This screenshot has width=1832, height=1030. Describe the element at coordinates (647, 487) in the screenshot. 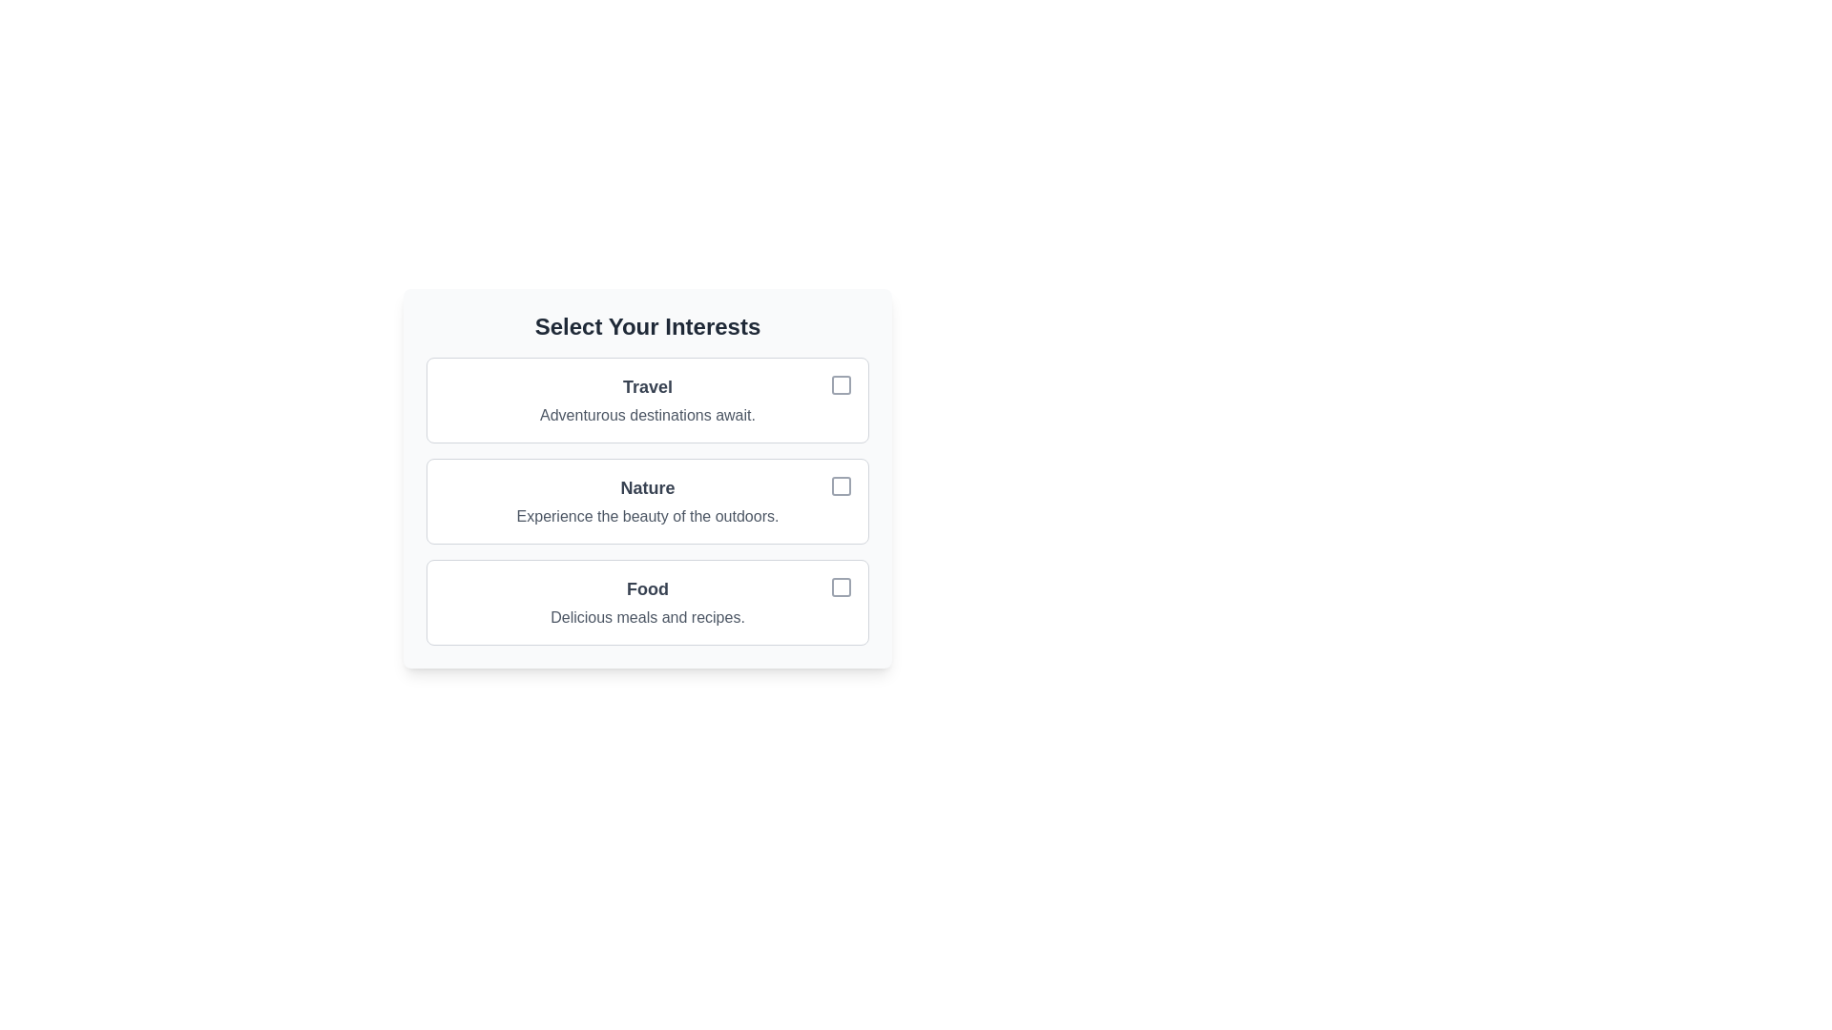

I see `the 'Nature' text label, which serves as the title for the middle selection option in a list of interest categories, guiding the user to recognize this option` at that location.